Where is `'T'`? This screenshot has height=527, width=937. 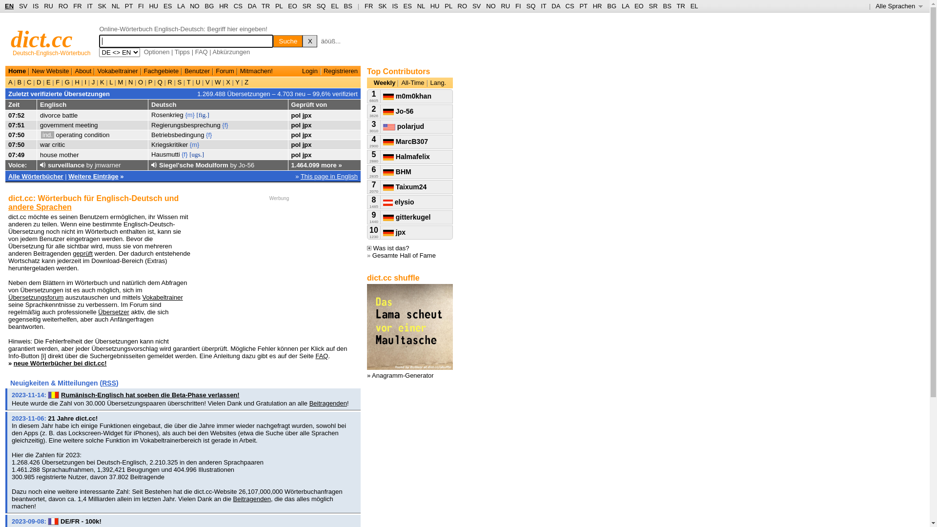 'T' is located at coordinates (185, 81).